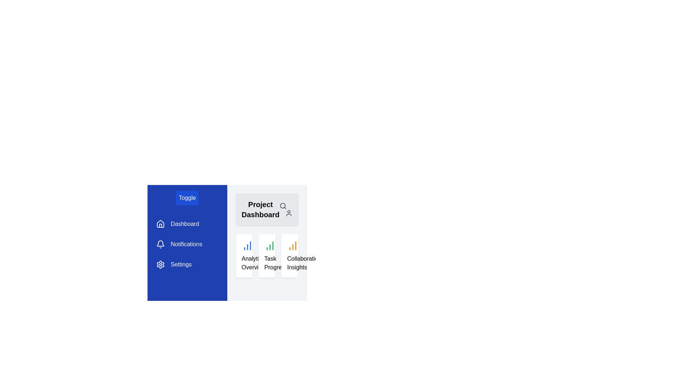  What do you see at coordinates (282, 206) in the screenshot?
I see `the central circular vector shape of the search icon, which is styled in neutral gray and is part of a magnifying glass representation` at bounding box center [282, 206].